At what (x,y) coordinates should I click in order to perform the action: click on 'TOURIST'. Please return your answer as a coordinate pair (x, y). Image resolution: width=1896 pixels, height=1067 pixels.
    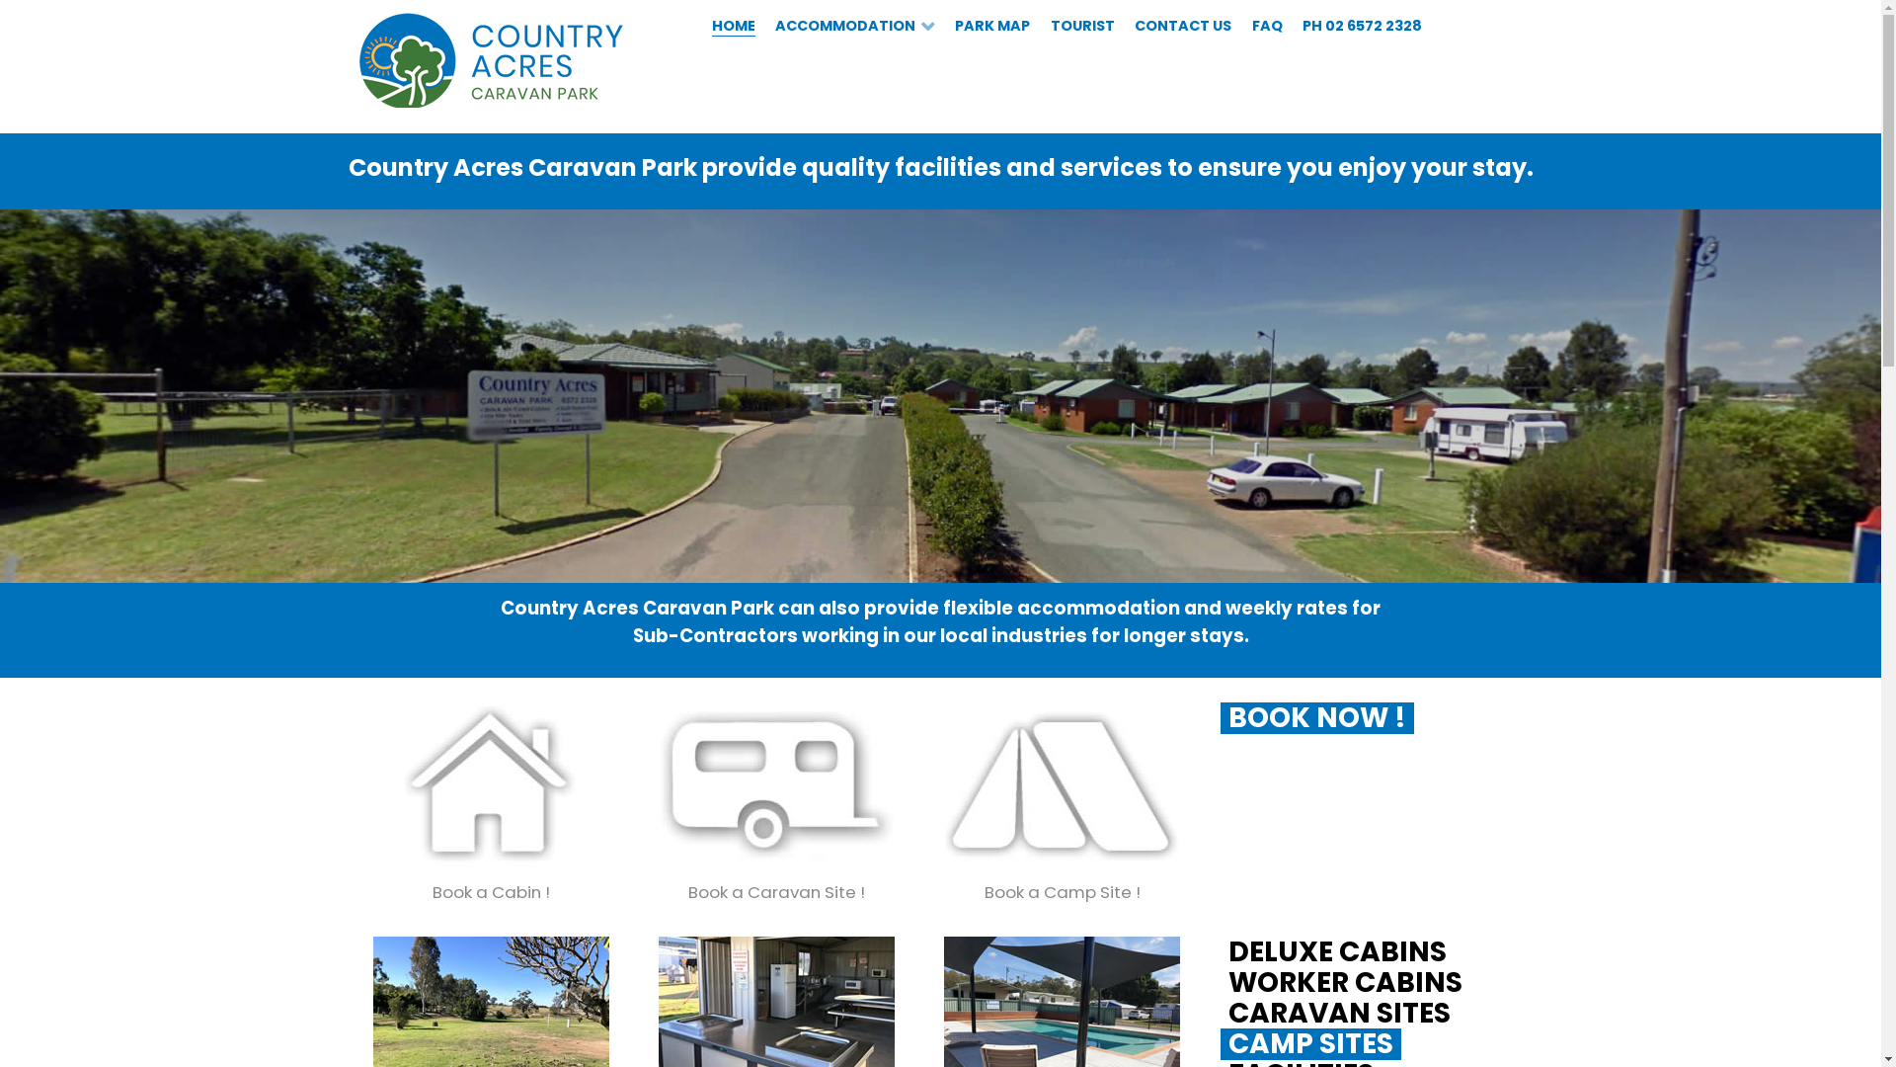
    Looking at the image, I should click on (1080, 26).